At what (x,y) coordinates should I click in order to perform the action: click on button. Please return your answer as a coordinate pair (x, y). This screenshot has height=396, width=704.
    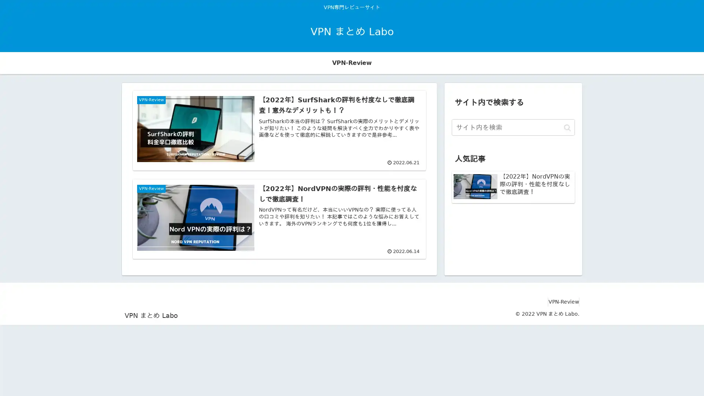
    Looking at the image, I should click on (567, 127).